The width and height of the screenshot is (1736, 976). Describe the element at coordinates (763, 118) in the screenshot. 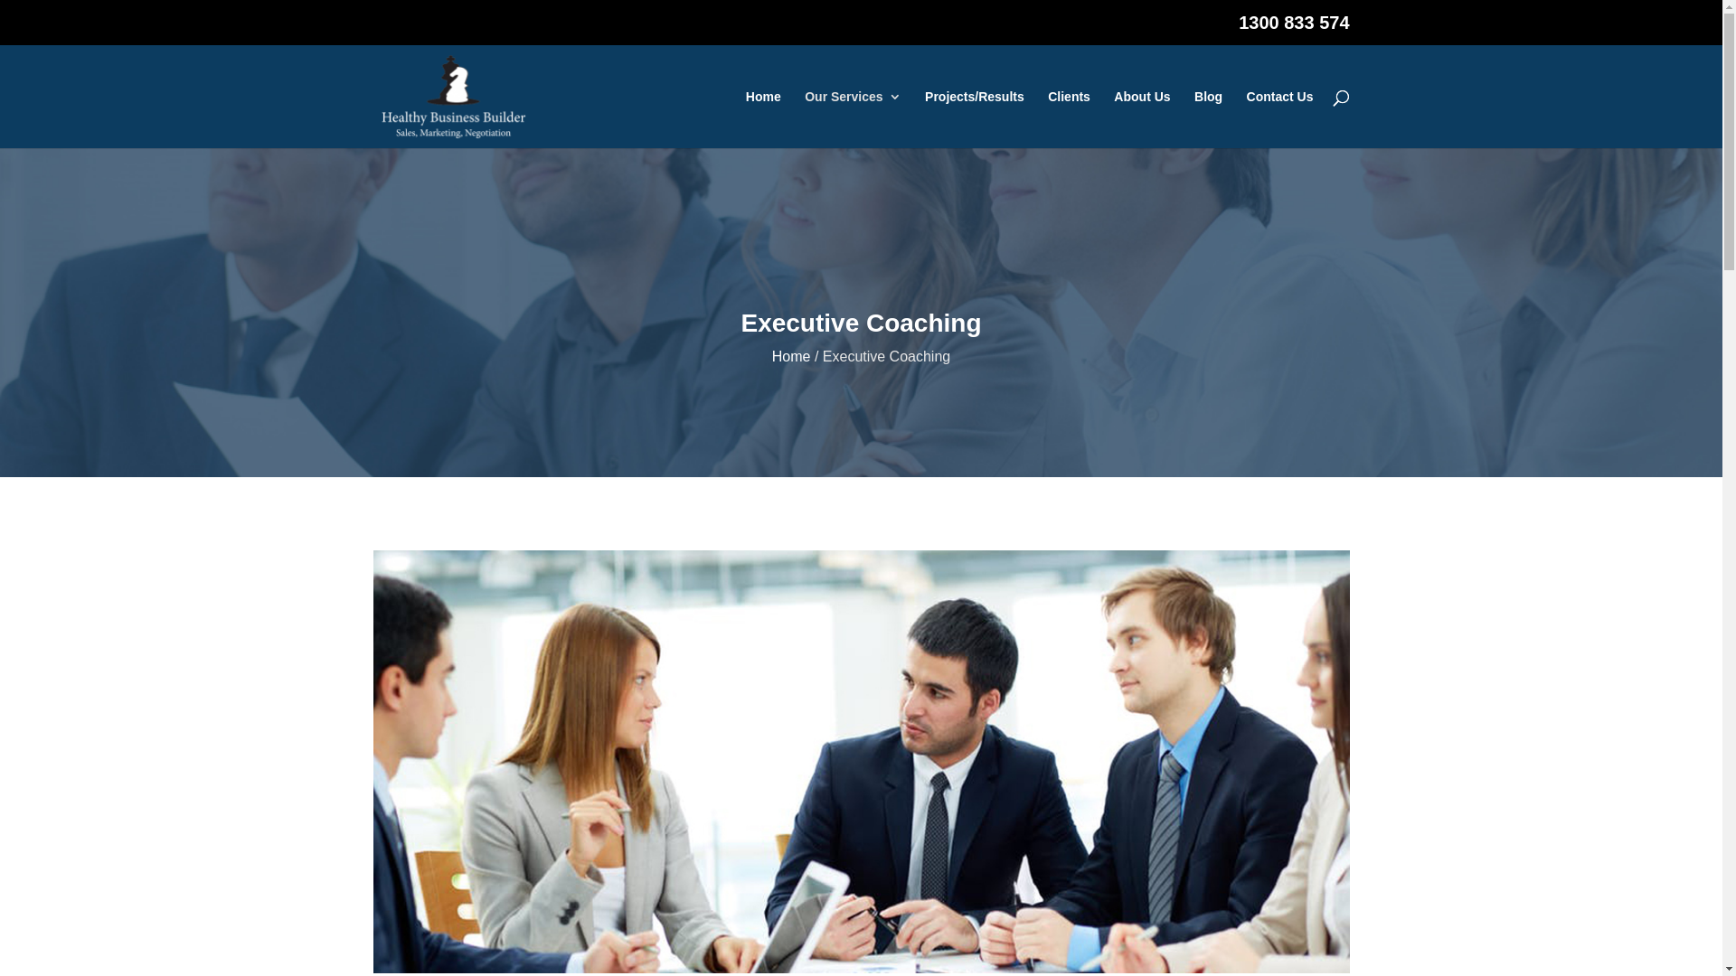

I see `'Home'` at that location.